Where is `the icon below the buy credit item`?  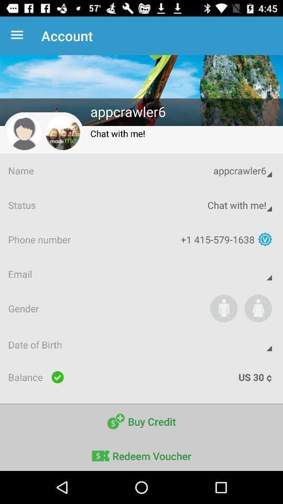
the icon below the buy credit item is located at coordinates (141, 454).